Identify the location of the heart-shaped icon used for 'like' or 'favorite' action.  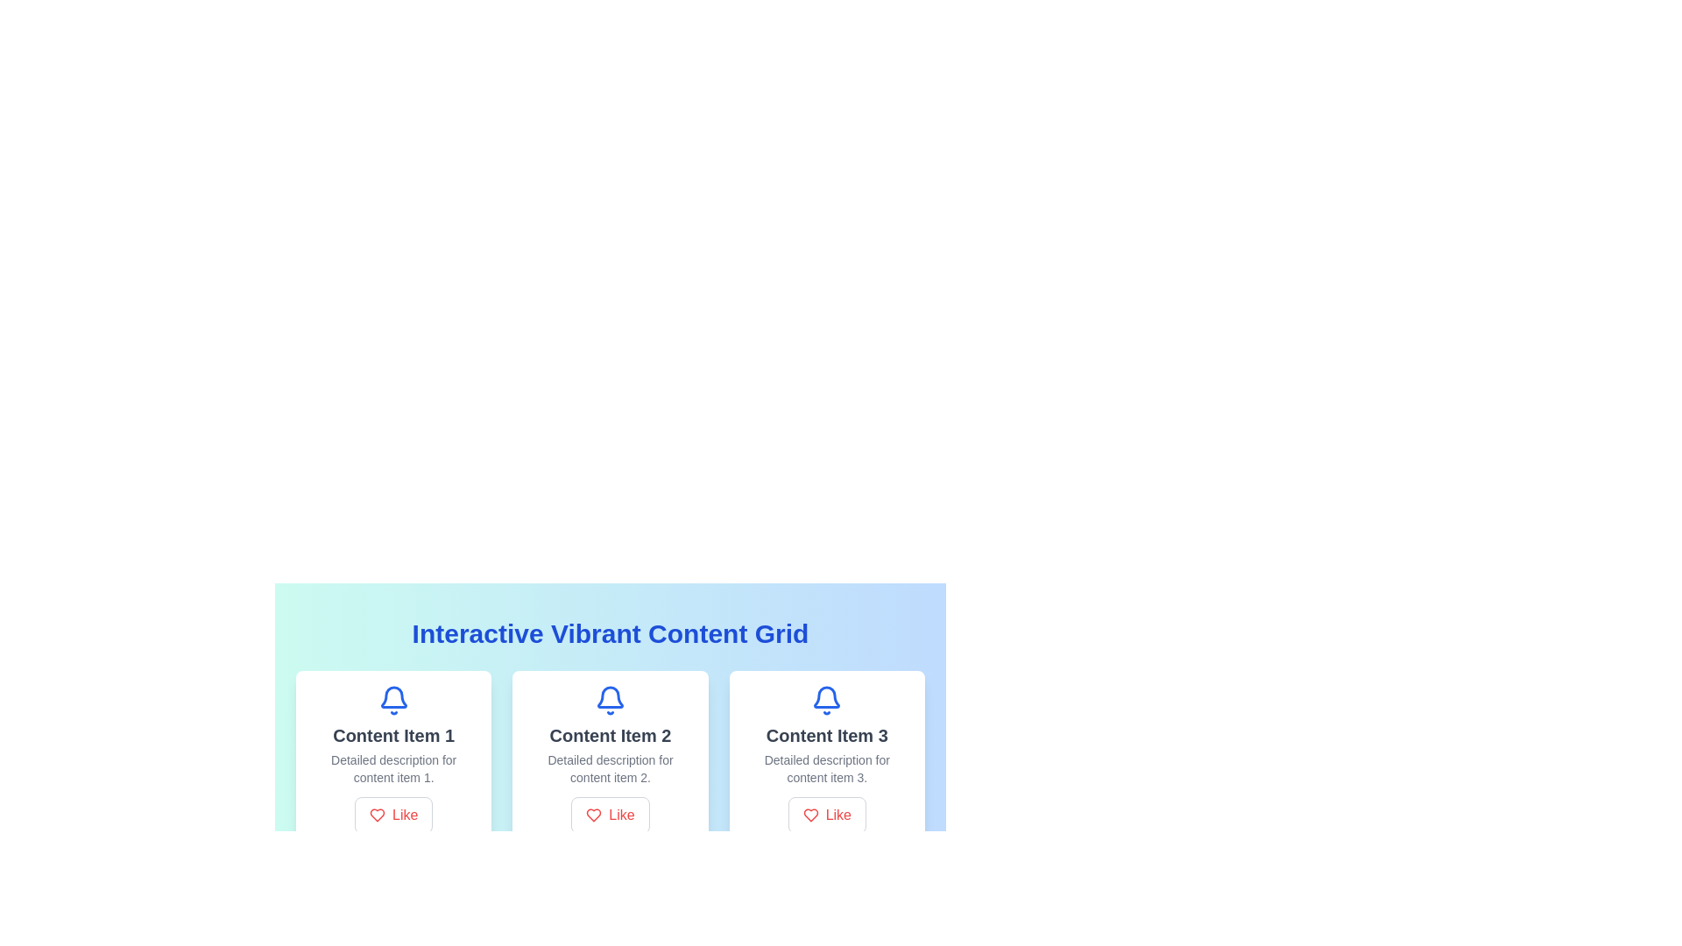
(809, 815).